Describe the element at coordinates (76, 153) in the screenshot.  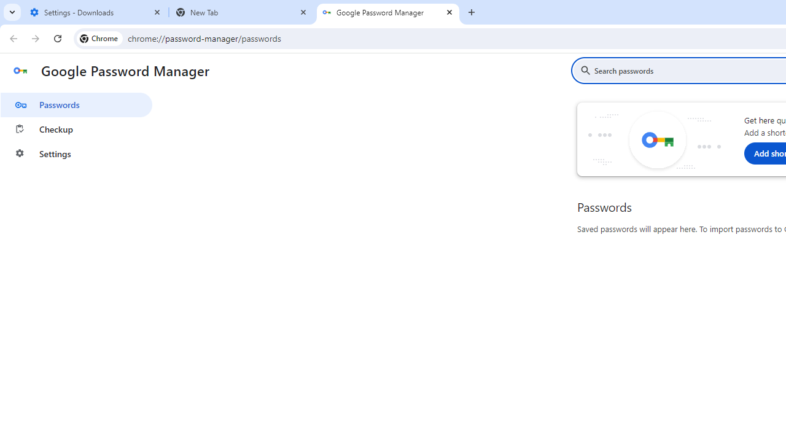
I see `'Settings'` at that location.